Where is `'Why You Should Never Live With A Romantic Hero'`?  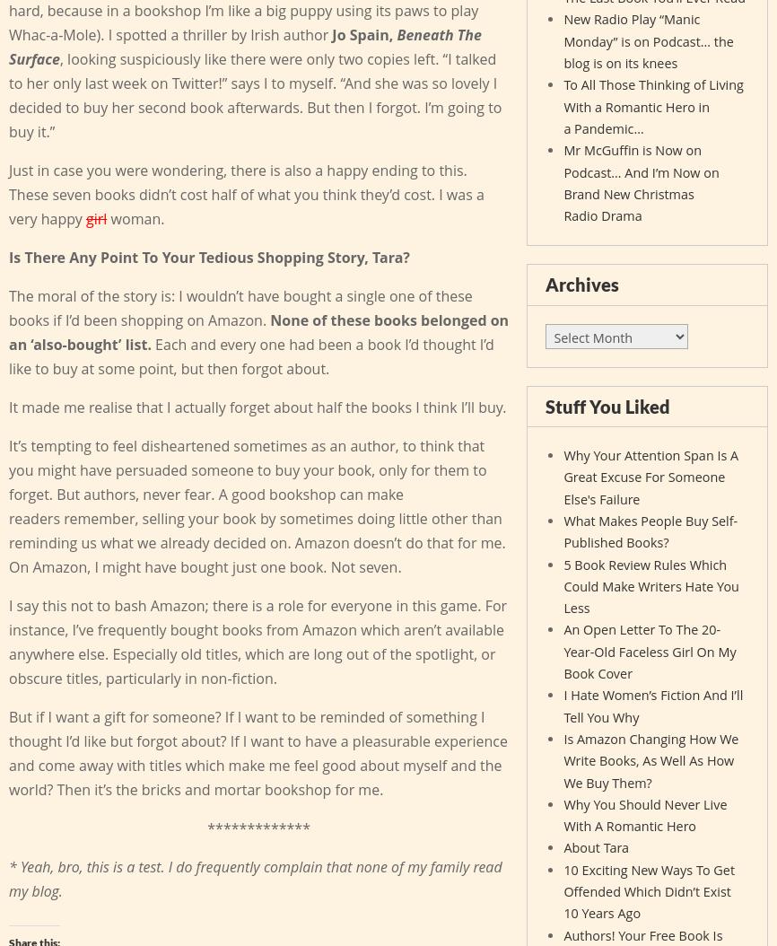
'Why You Should Never Live With A Romantic Hero' is located at coordinates (644, 814).